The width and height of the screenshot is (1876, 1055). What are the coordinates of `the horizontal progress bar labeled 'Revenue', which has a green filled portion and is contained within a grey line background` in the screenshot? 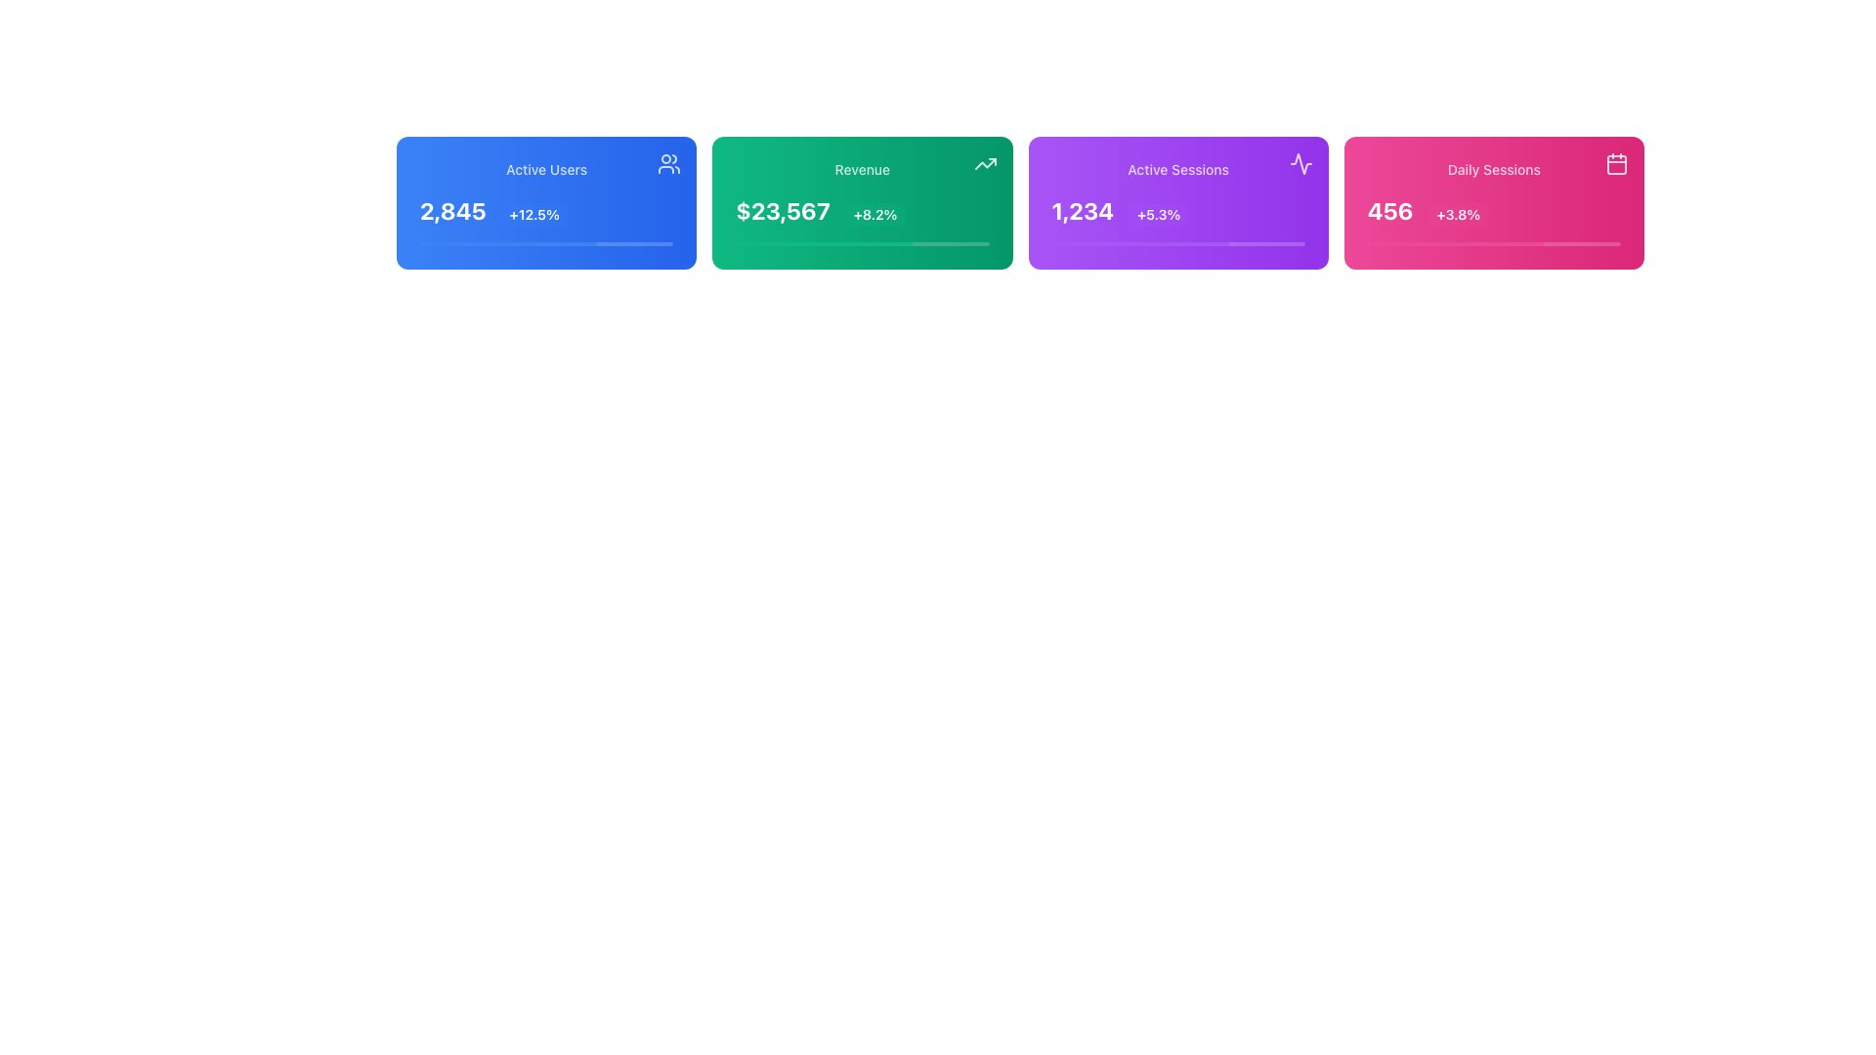 It's located at (825, 243).